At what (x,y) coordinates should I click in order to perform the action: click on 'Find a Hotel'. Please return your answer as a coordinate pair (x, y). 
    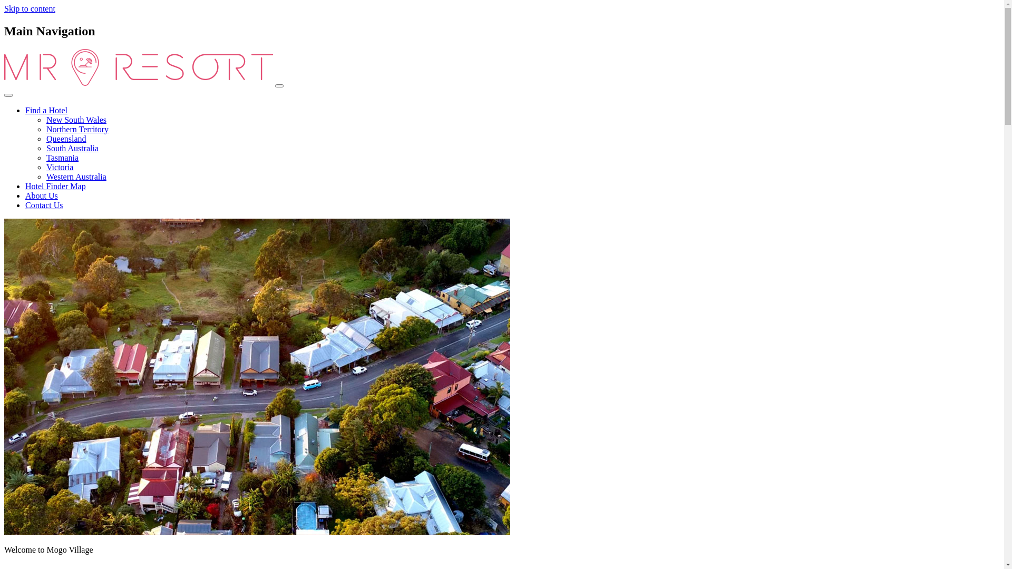
    Looking at the image, I should click on (45, 110).